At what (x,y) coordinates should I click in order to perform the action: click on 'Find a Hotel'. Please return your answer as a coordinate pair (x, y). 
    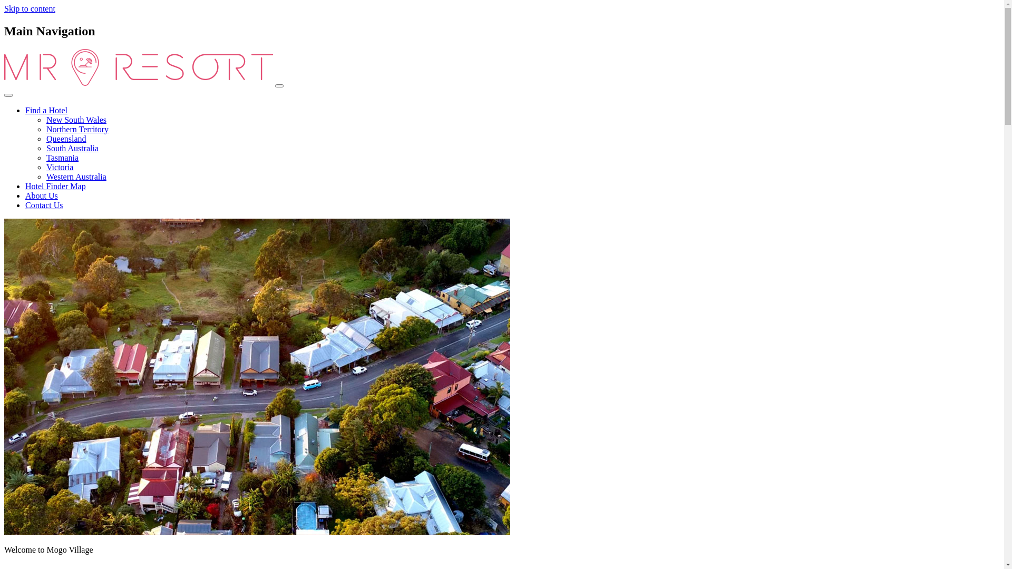
    Looking at the image, I should click on (45, 110).